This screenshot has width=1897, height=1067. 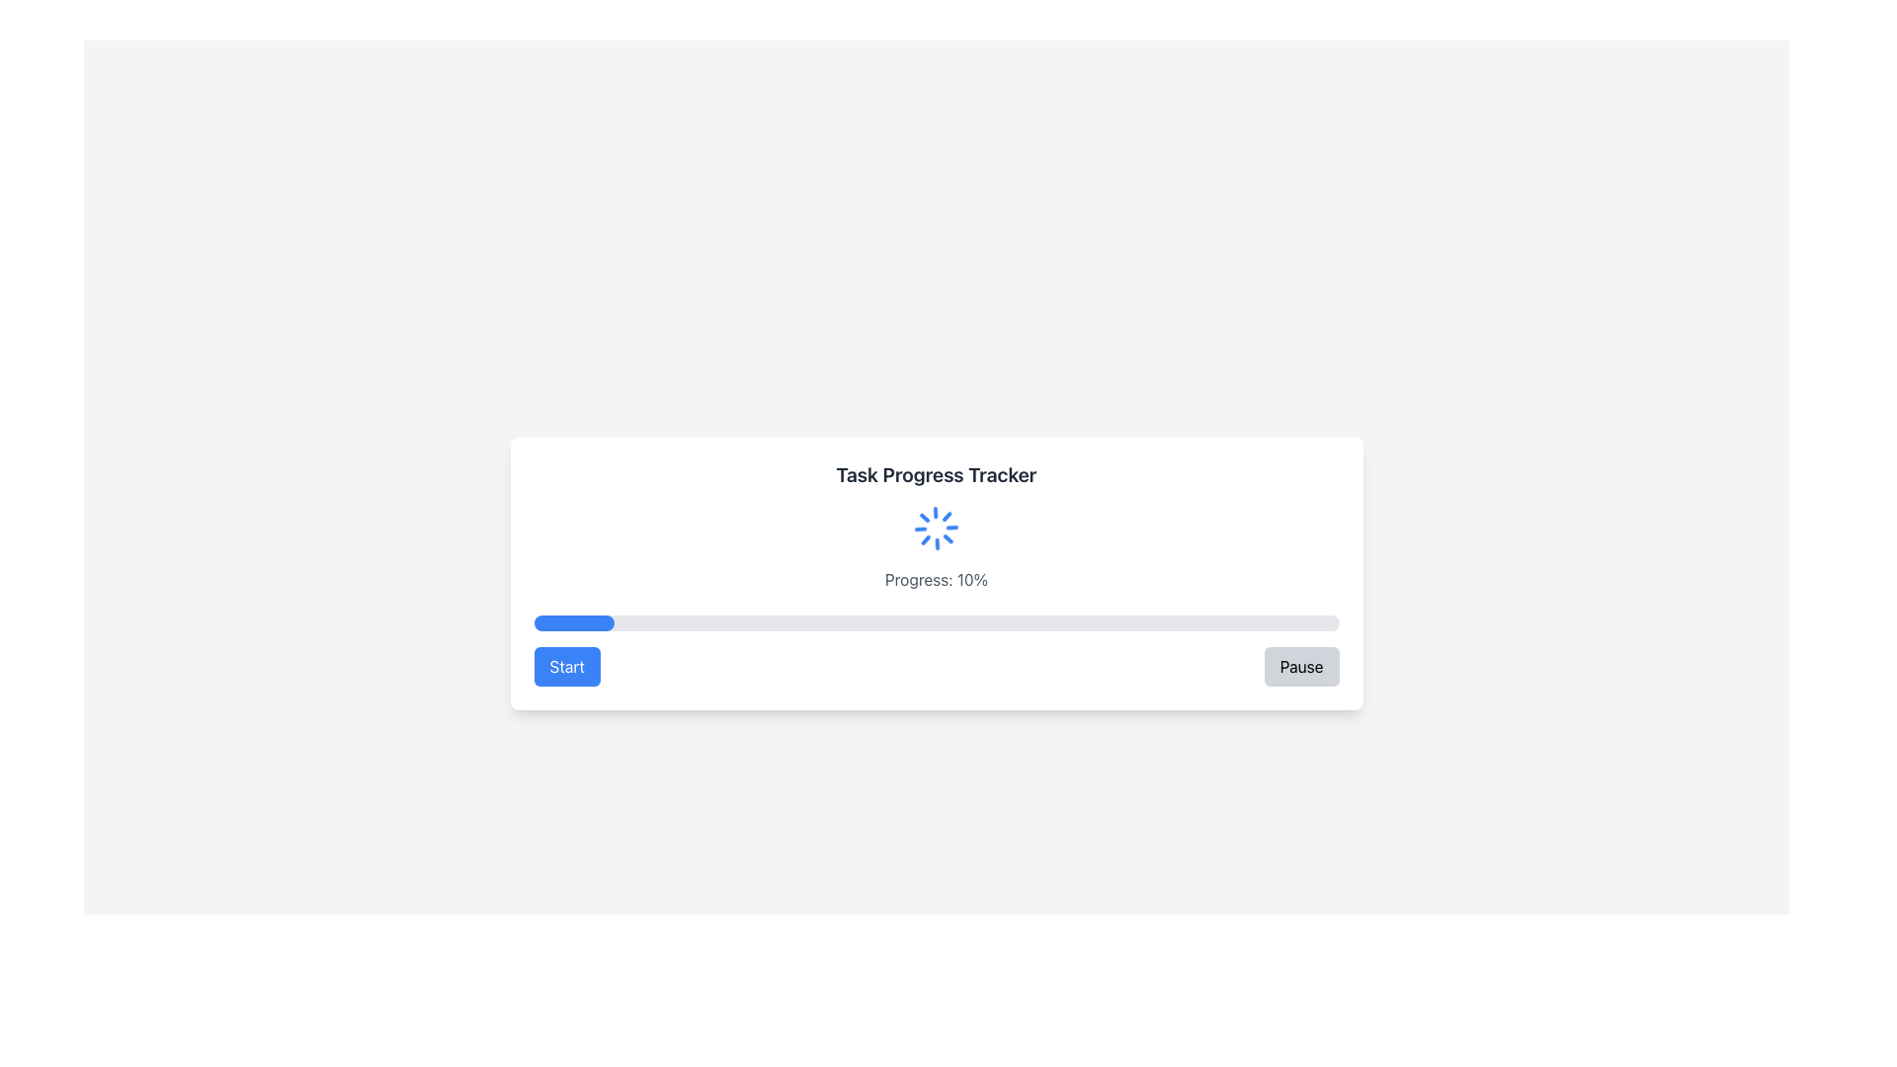 I want to click on the Loader Icon, which indicates the loading state of the task, located above the progress text ('Progress: 10%') and below the 'Task Progress Tracker' header, so click(x=936, y=528).